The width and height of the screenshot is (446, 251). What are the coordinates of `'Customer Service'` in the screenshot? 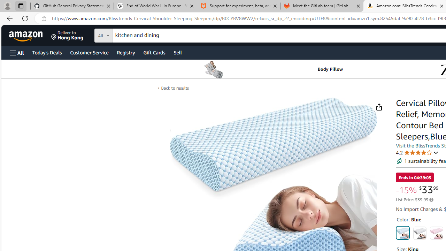 It's located at (89, 52).